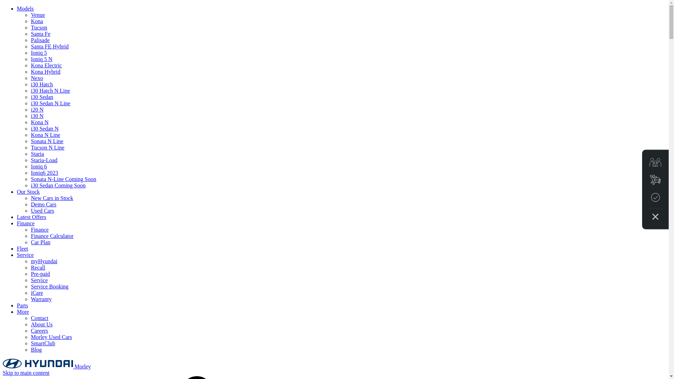 The image size is (674, 379). What do you see at coordinates (30, 242) in the screenshot?
I see `'Car Plan'` at bounding box center [30, 242].